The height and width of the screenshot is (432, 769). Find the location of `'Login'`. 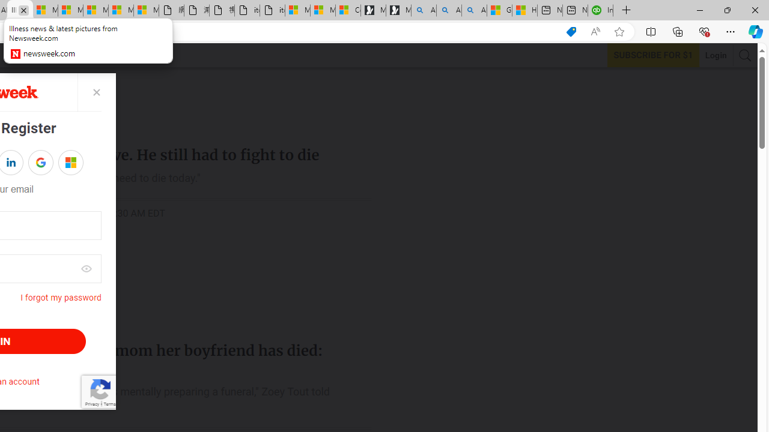

'Login' is located at coordinates (716, 55).